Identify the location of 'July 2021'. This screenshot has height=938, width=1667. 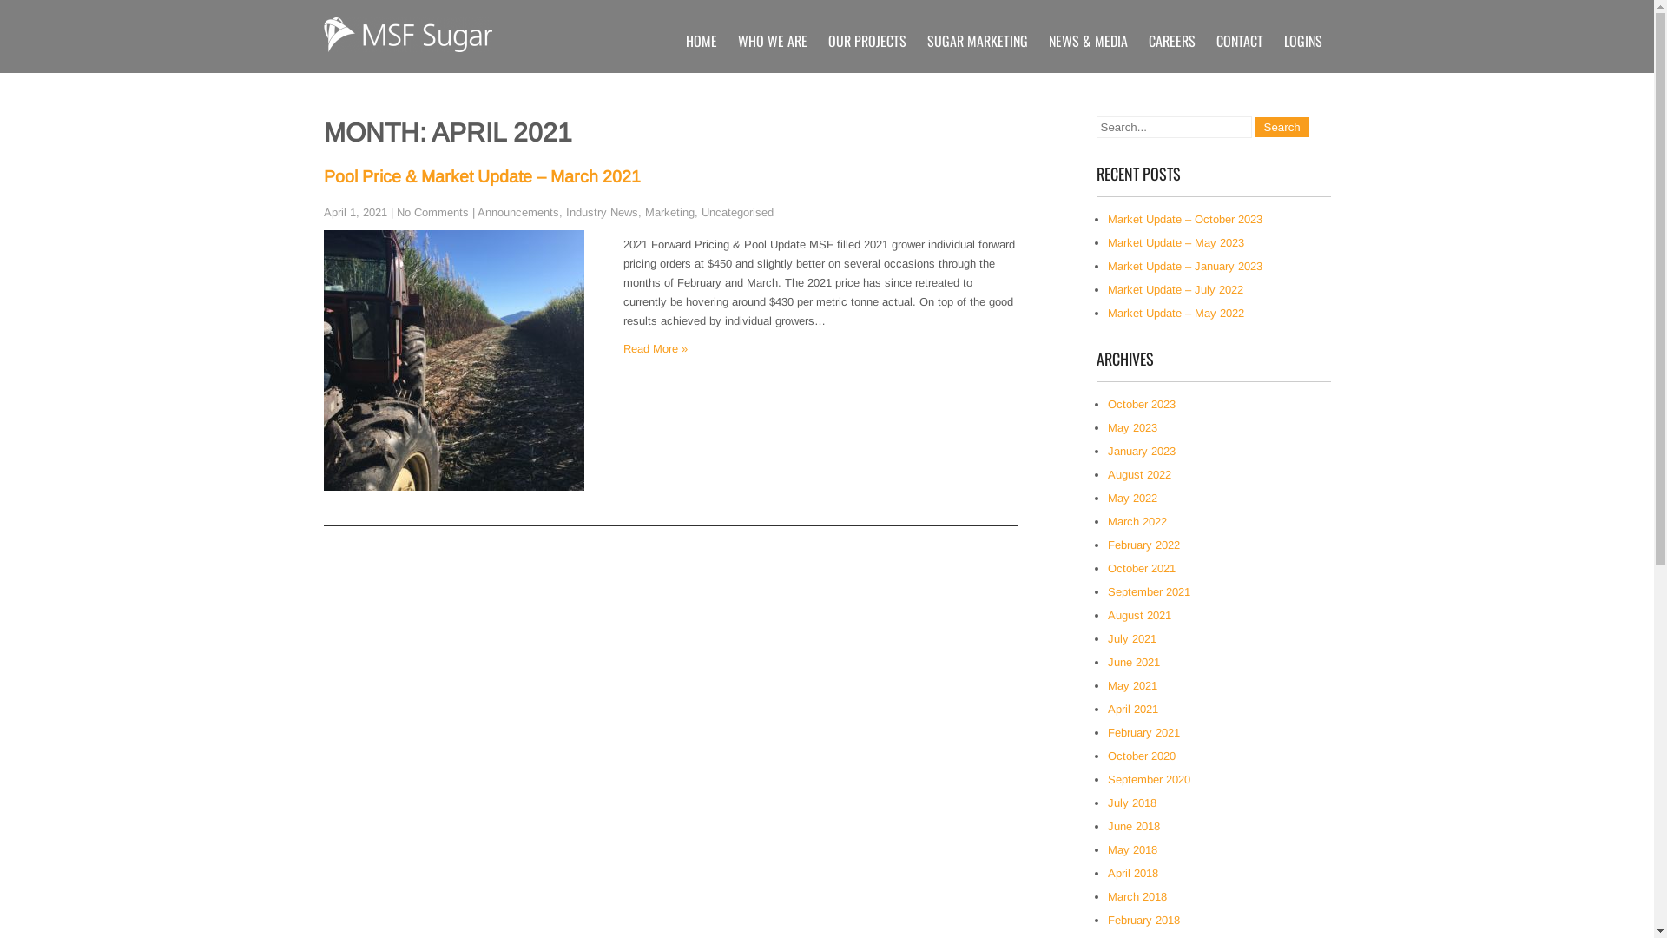
(1132, 638).